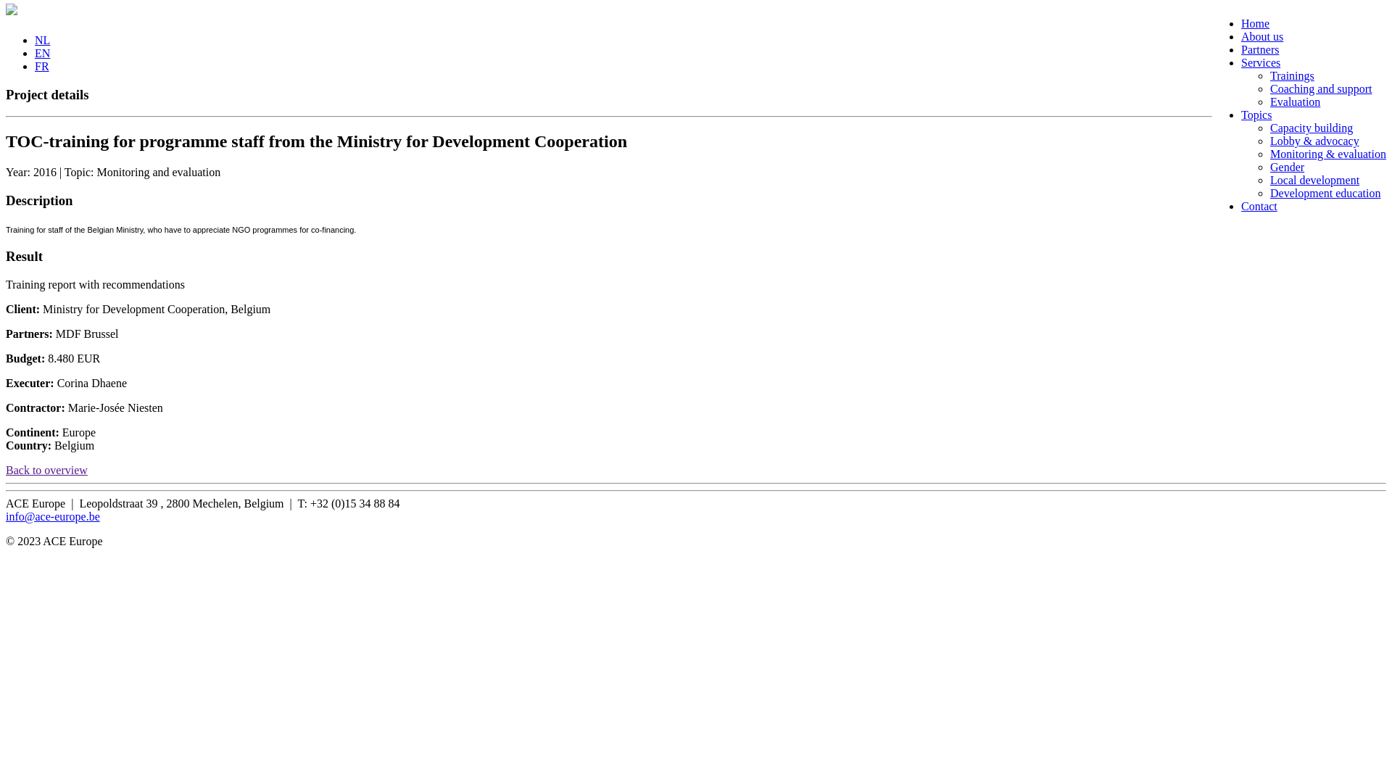  I want to click on 'EN', so click(42, 52).